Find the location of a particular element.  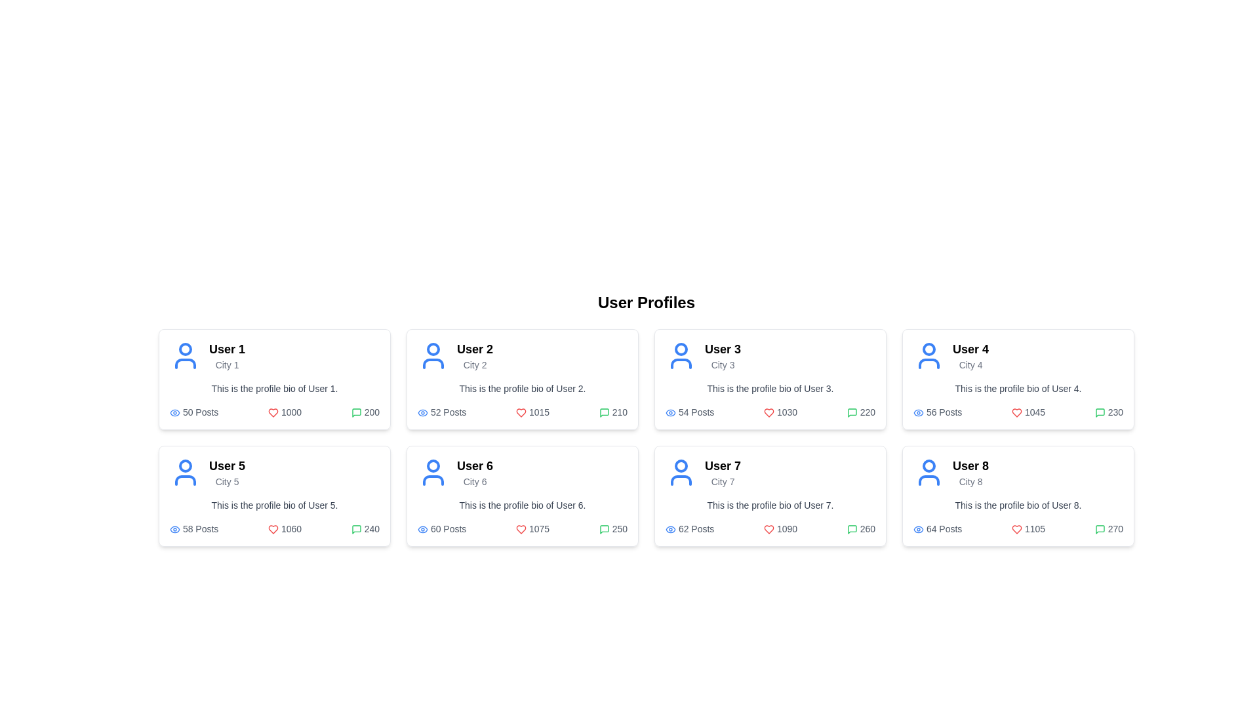

the text label displaying the count of likes or favorites for 'User 7', which is the second item in the footer of the card, located between '62 Posts' and '260' is located at coordinates (780, 528).